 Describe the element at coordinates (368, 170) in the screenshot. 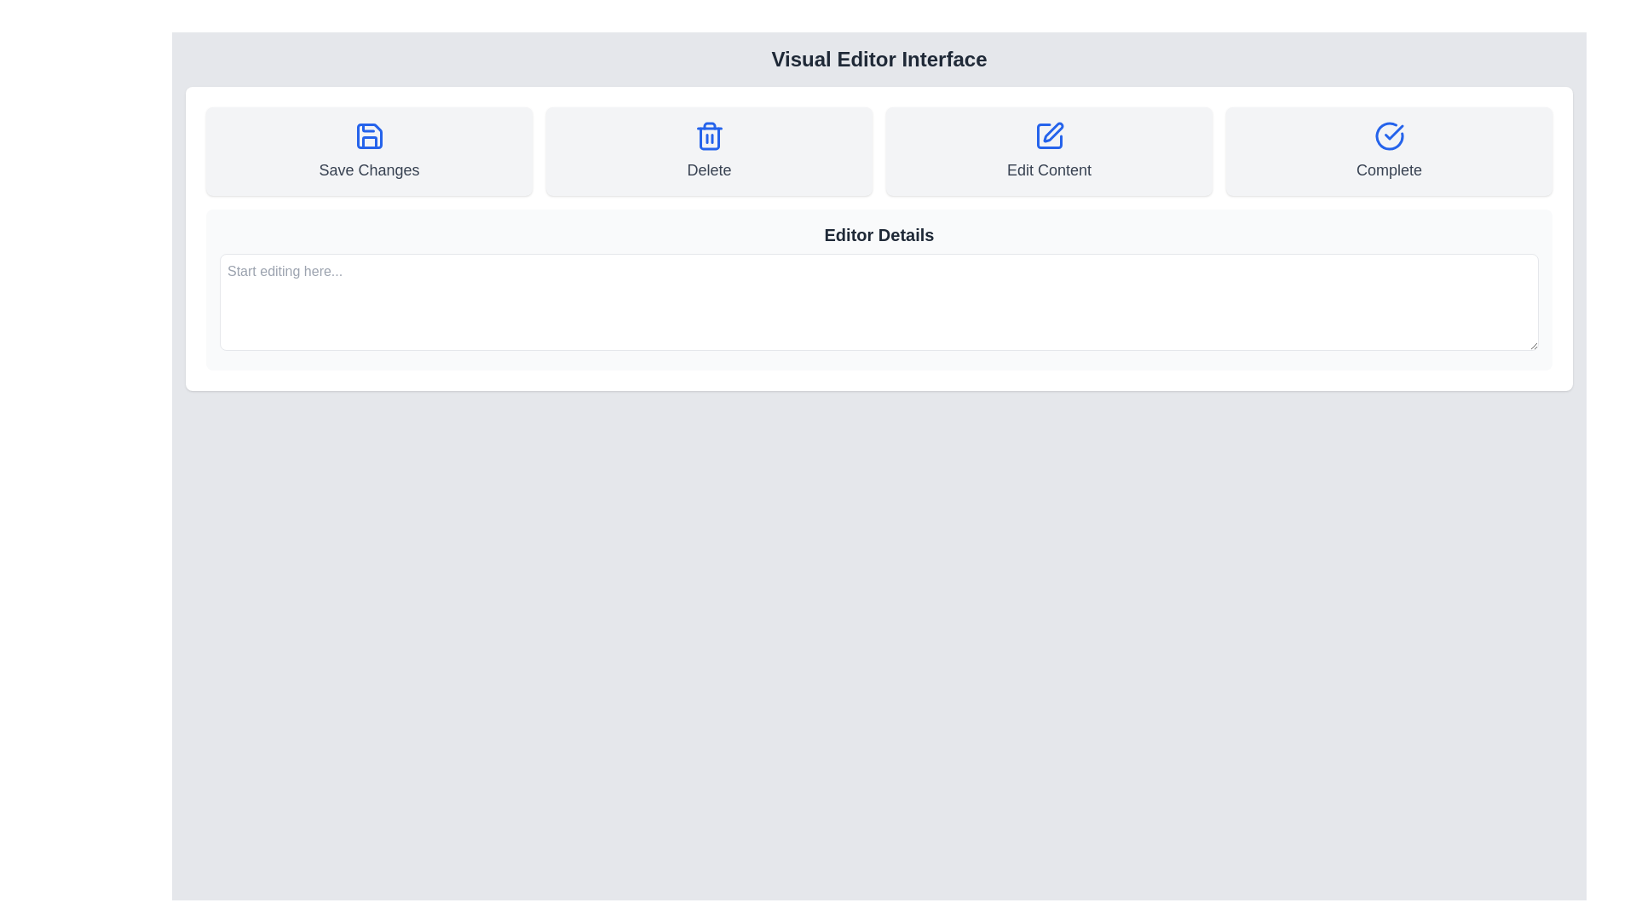

I see `'Save Changes' text label that indicates the functionality for saving changes, which is located within a rectangular card in the top-left section of the interface, below the associated icon` at that location.